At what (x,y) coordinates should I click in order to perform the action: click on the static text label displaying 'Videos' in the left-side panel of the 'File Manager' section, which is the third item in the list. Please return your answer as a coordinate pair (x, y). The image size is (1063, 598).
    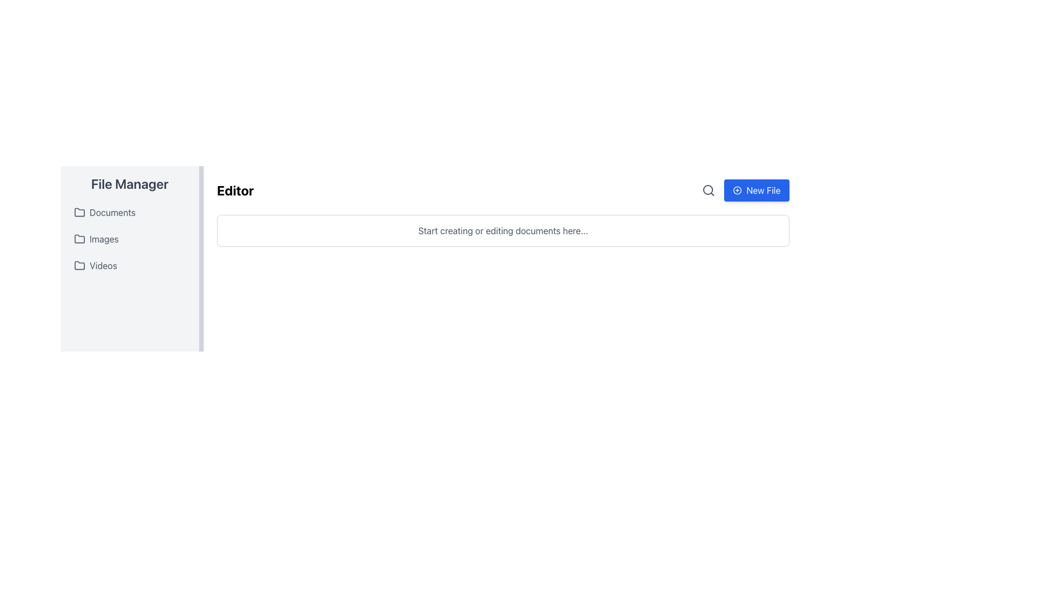
    Looking at the image, I should click on (103, 265).